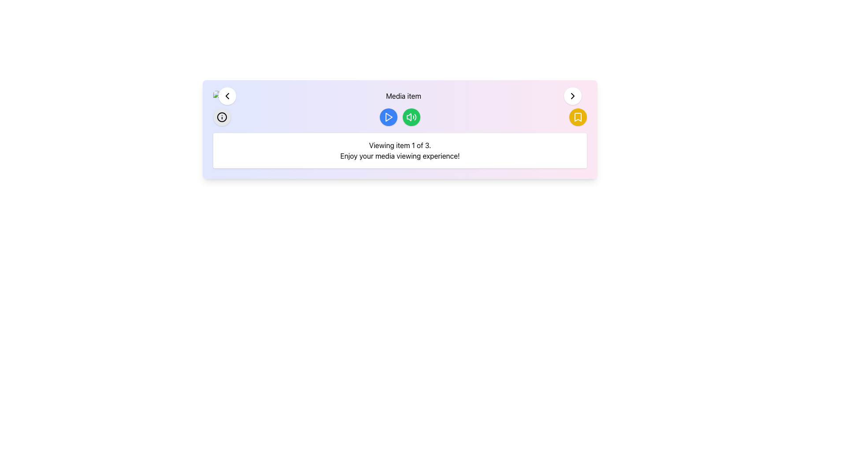 The width and height of the screenshot is (846, 476). Describe the element at coordinates (388, 117) in the screenshot. I see `the play button located to the left of the green button with a speaker icon, beneath the heading labeled 'Media item'` at that location.